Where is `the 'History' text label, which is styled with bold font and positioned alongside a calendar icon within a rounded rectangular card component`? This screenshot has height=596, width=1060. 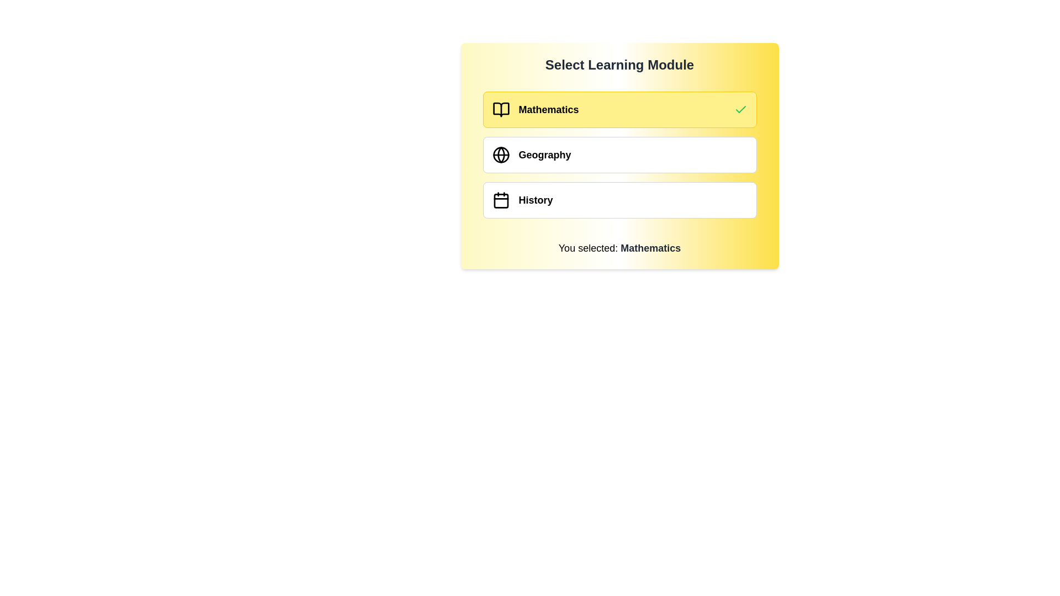 the 'History' text label, which is styled with bold font and positioned alongside a calendar icon within a rounded rectangular card component is located at coordinates (536, 200).